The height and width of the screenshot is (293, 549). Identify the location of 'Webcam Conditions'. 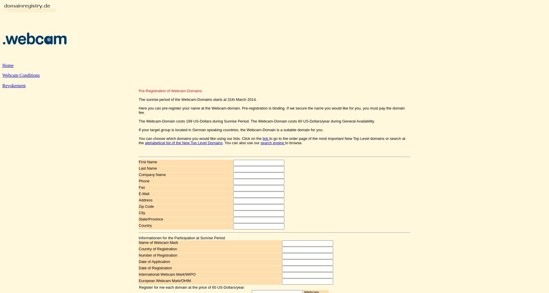
(21, 75).